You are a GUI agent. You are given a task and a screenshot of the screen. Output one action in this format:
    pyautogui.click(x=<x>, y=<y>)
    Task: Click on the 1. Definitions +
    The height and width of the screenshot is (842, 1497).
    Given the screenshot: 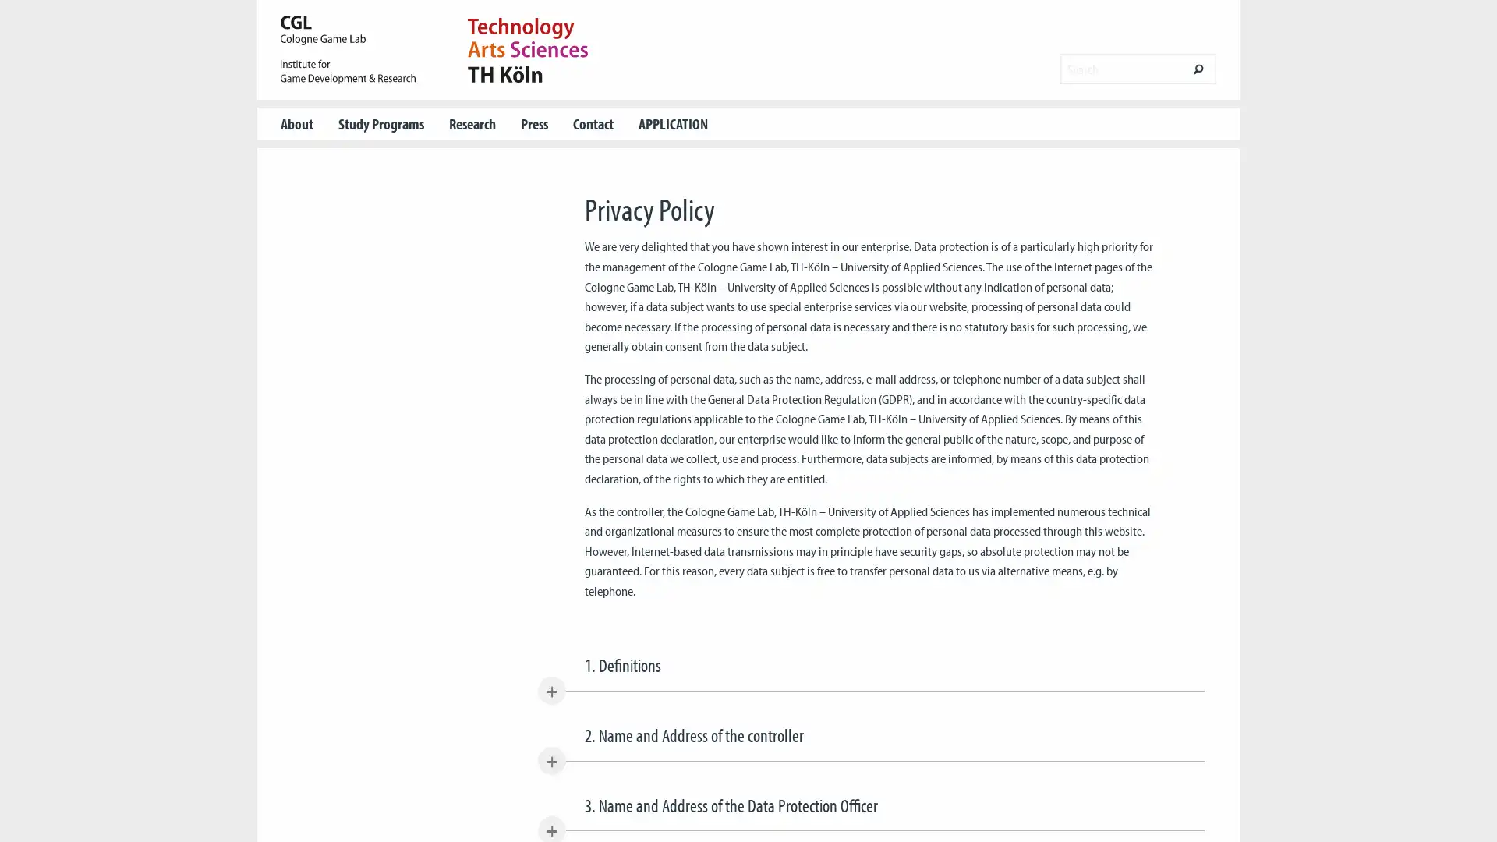 What is the action you would take?
    pyautogui.click(x=869, y=670)
    